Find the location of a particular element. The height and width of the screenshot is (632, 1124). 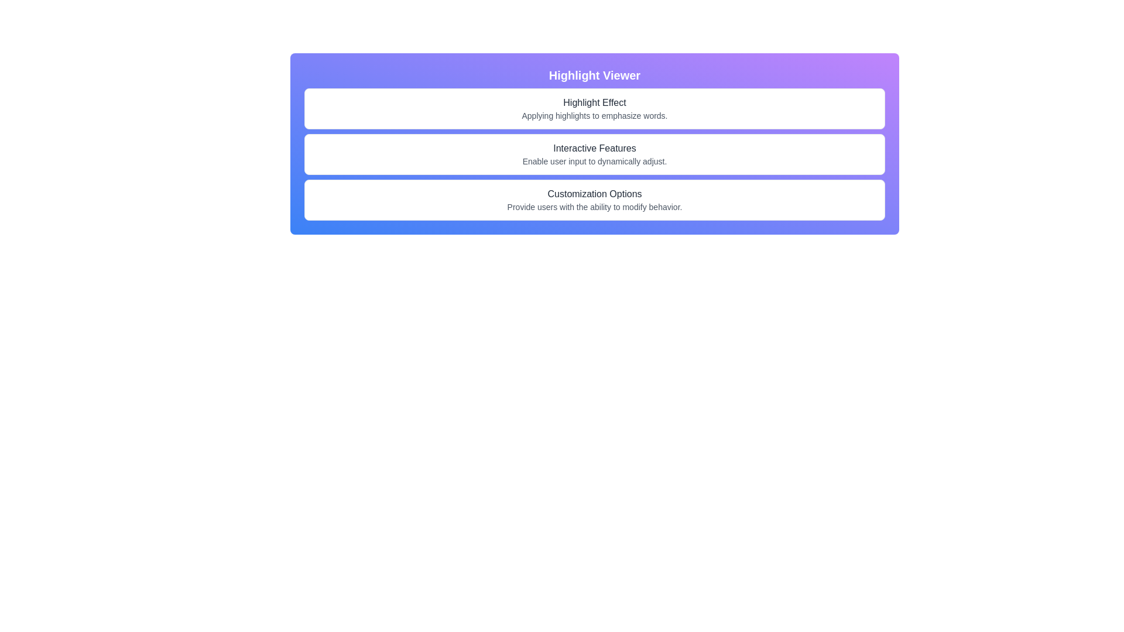

the text element displaying 'Customization Options', which is the last character of the text in the centered layout under the section with three rows of text is located at coordinates (639, 193).